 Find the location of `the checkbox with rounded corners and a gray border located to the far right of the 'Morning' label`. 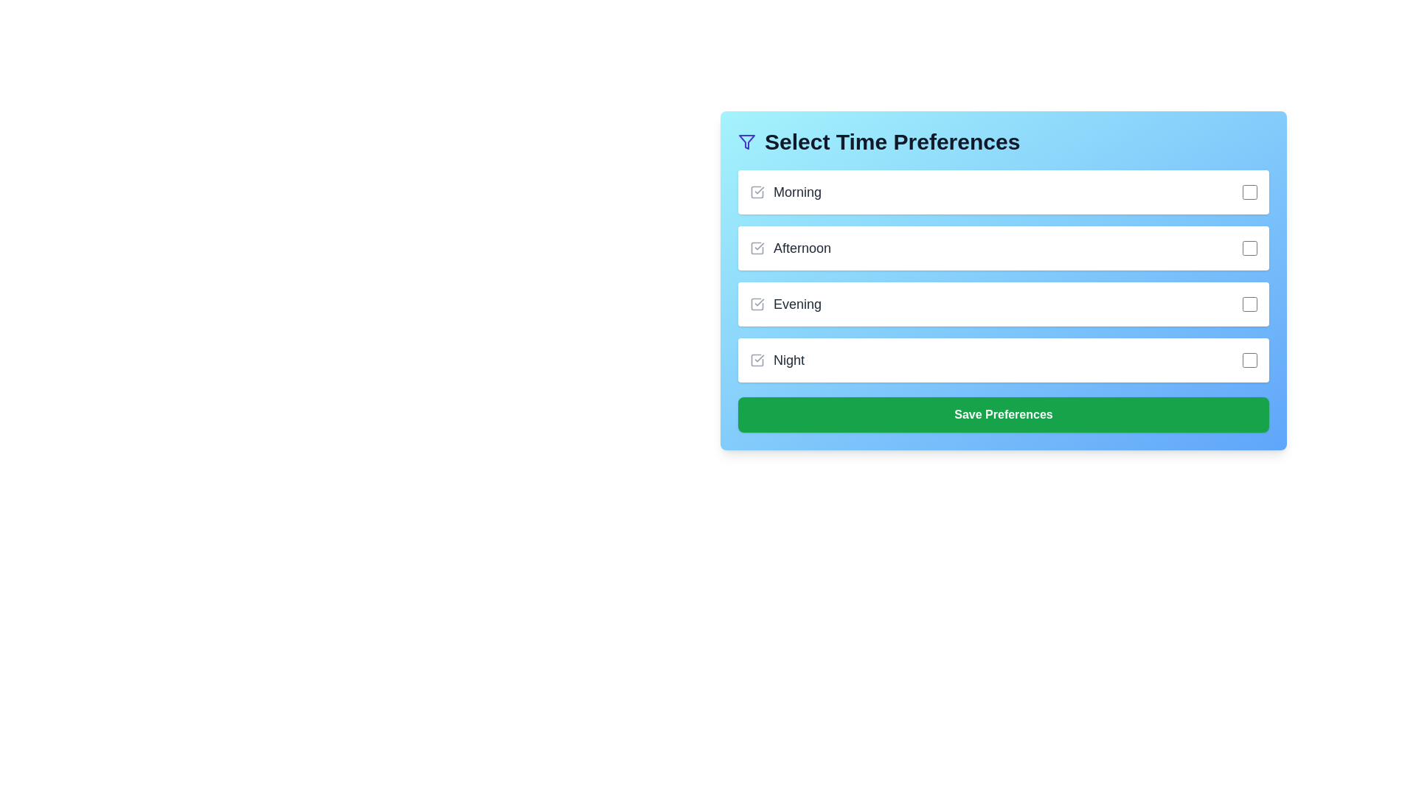

the checkbox with rounded corners and a gray border located to the far right of the 'Morning' label is located at coordinates (1249, 192).